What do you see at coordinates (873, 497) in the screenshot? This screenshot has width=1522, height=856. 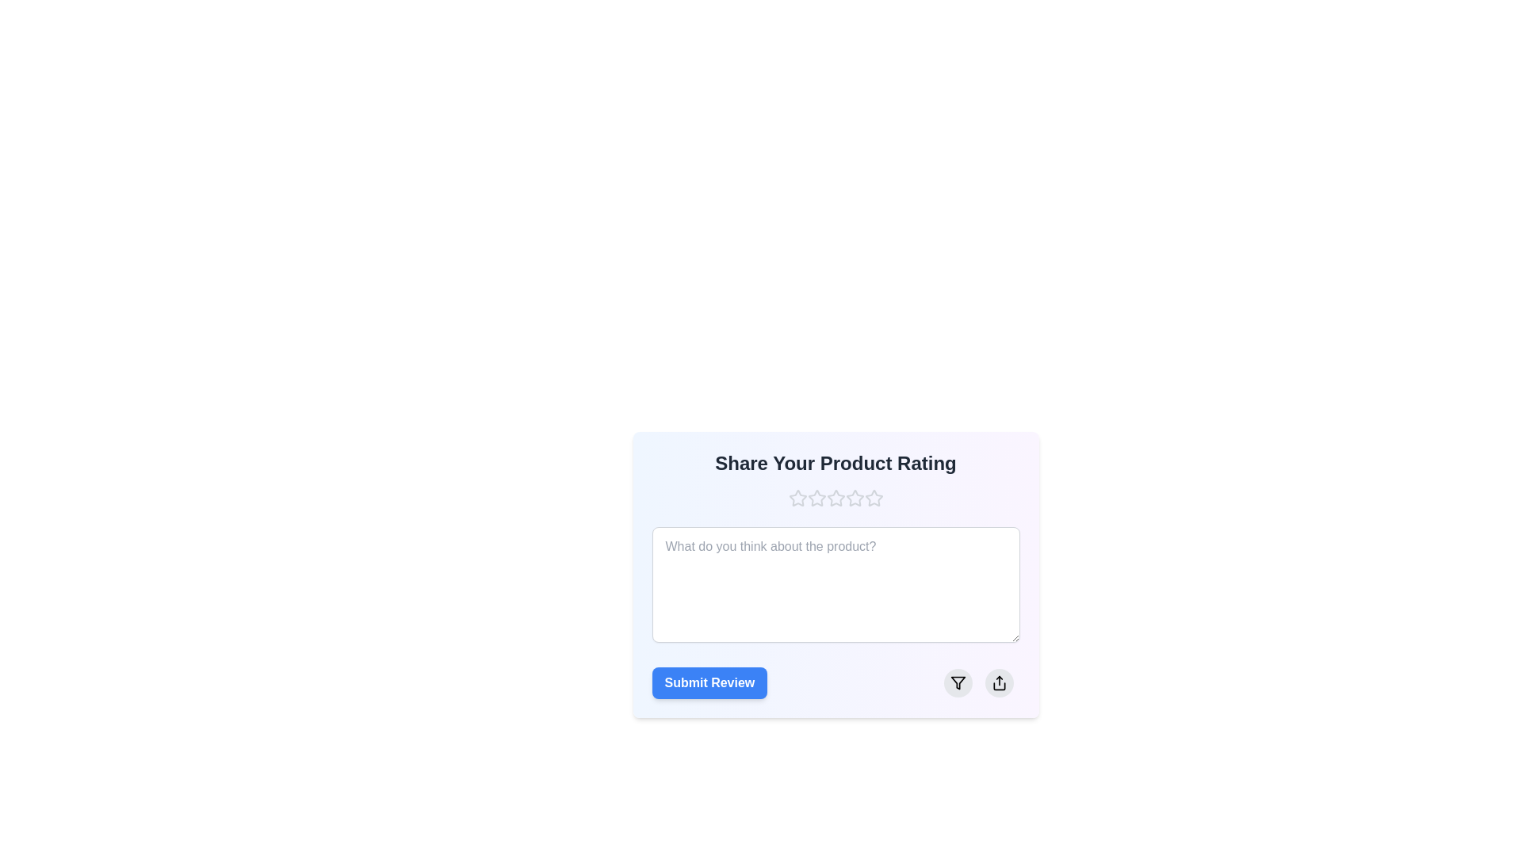 I see `the third star in the rating module titled 'Share Your Product Rating'` at bounding box center [873, 497].